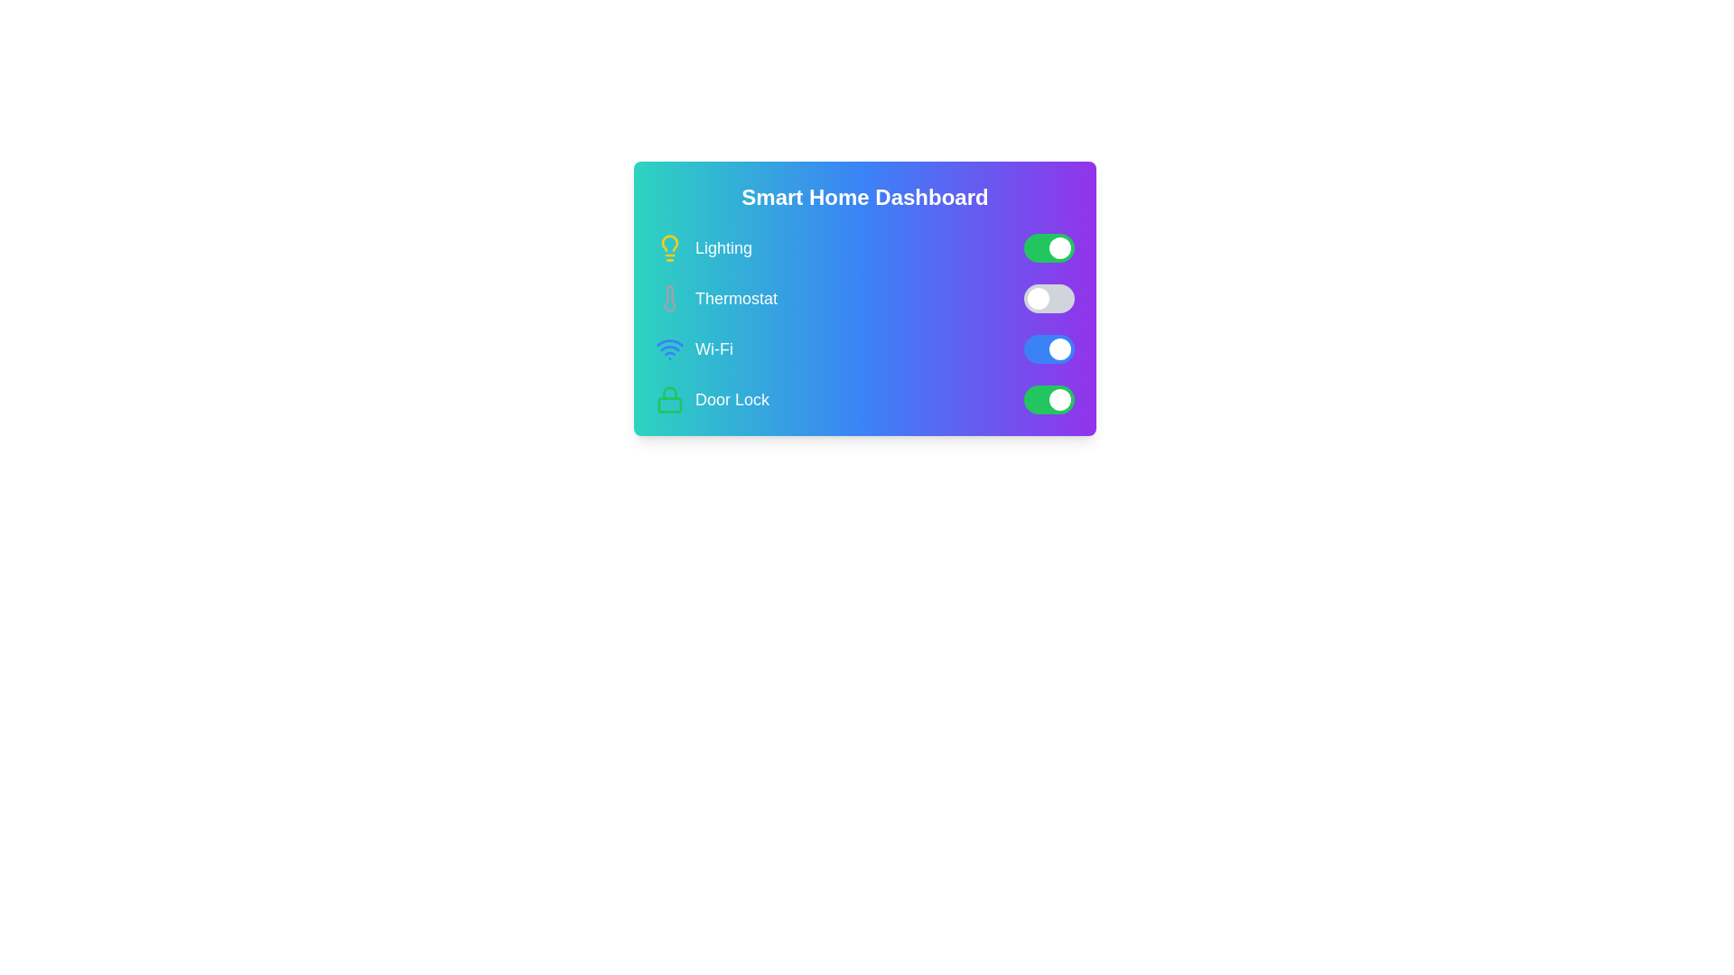 This screenshot has width=1734, height=975. Describe the element at coordinates (715, 298) in the screenshot. I see `the 'Thermostat' label with an icon in the 'Smart Home Dashboard', which is positioned in the second row of the main list, between the 'Lighting' and 'Wi-Fi' elements` at that location.